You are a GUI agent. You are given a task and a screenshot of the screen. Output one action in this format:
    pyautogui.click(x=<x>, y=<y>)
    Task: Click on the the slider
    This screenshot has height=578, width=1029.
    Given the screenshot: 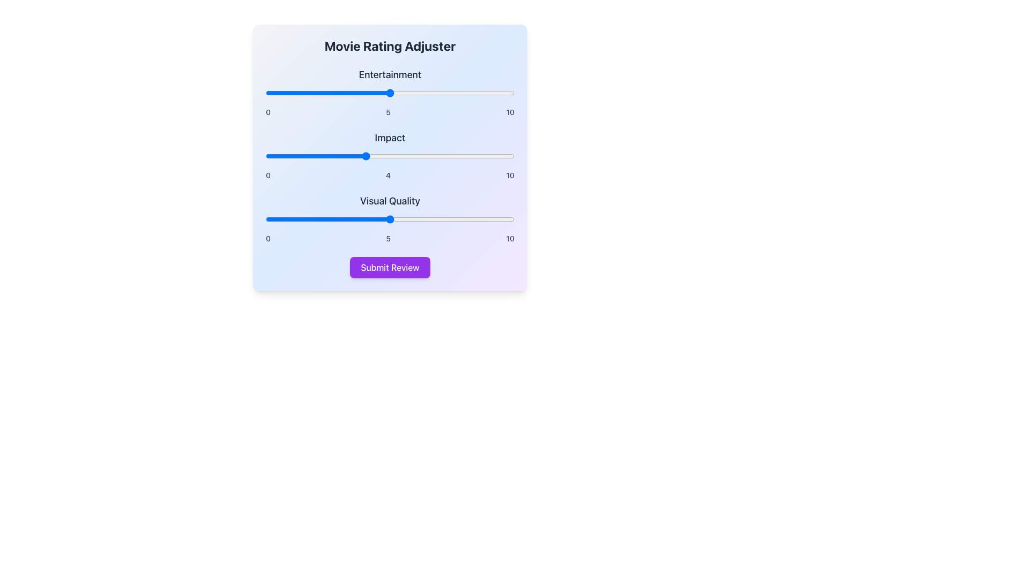 What is the action you would take?
    pyautogui.click(x=340, y=218)
    